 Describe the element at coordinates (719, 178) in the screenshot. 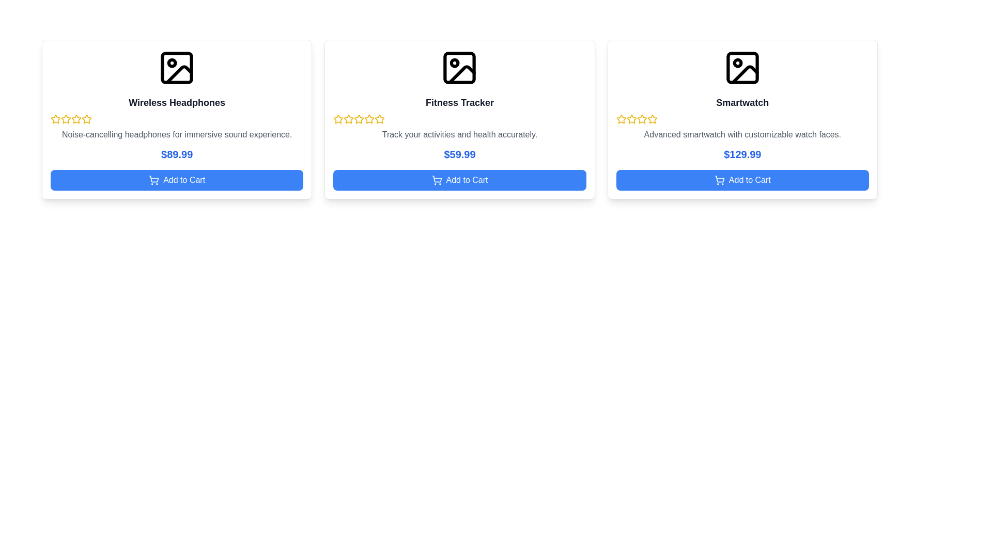

I see `the shopping cart icon within the blue 'Add to Cart' button located in the third product card for the 'Smartwatch'` at that location.